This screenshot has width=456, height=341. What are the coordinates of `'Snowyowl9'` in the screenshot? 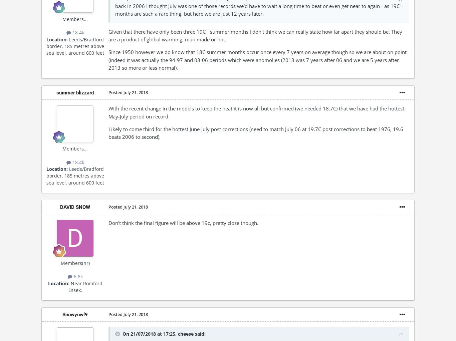 It's located at (74, 314).